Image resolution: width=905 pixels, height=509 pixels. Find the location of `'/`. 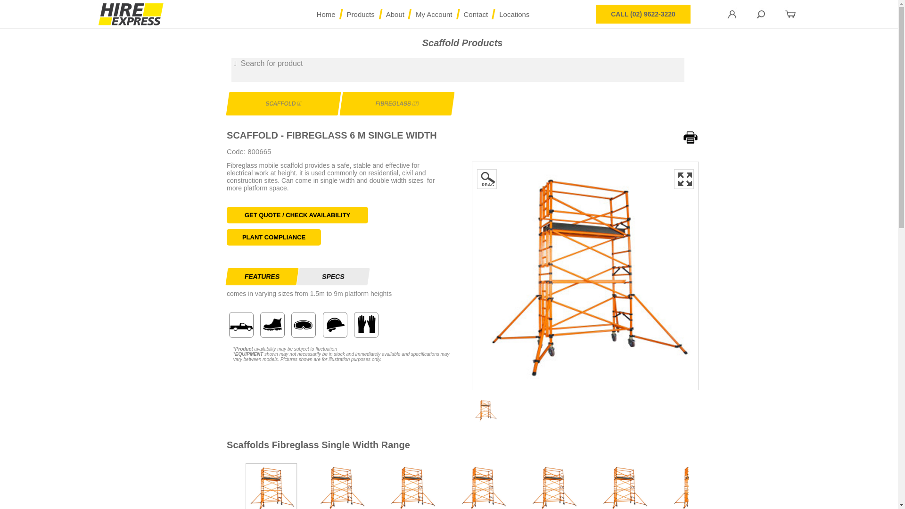

'/ is located at coordinates (434, 14).